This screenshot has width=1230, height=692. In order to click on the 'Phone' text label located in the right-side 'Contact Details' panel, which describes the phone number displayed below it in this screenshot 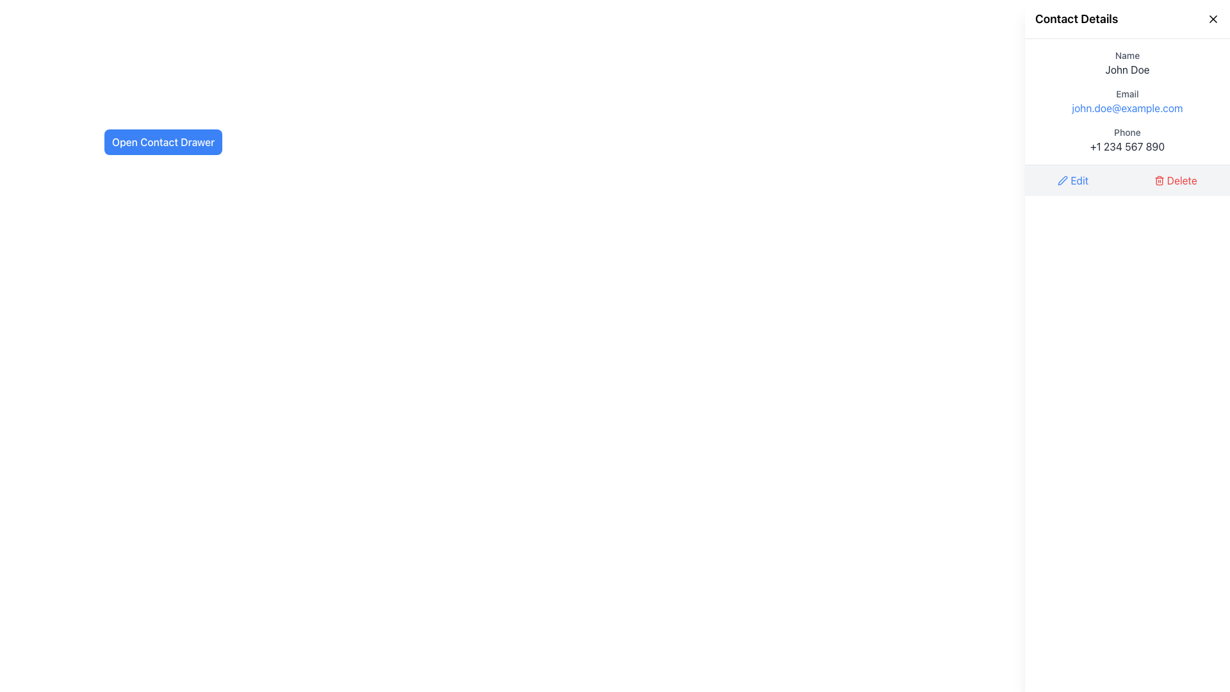, I will do `click(1127, 133)`.